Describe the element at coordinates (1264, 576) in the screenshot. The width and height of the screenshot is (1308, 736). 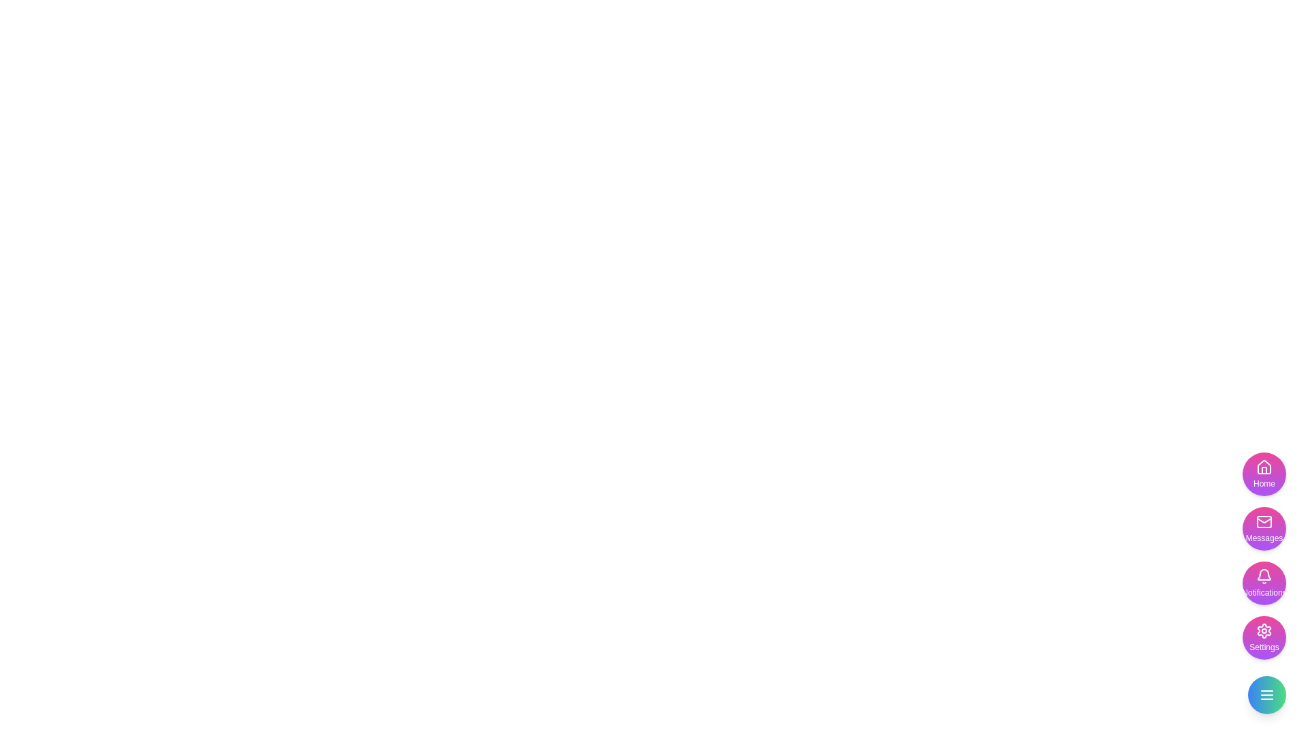
I see `the third icon labeled 'Notifications' in the vertical stack of icons on the right side of the interface` at that location.